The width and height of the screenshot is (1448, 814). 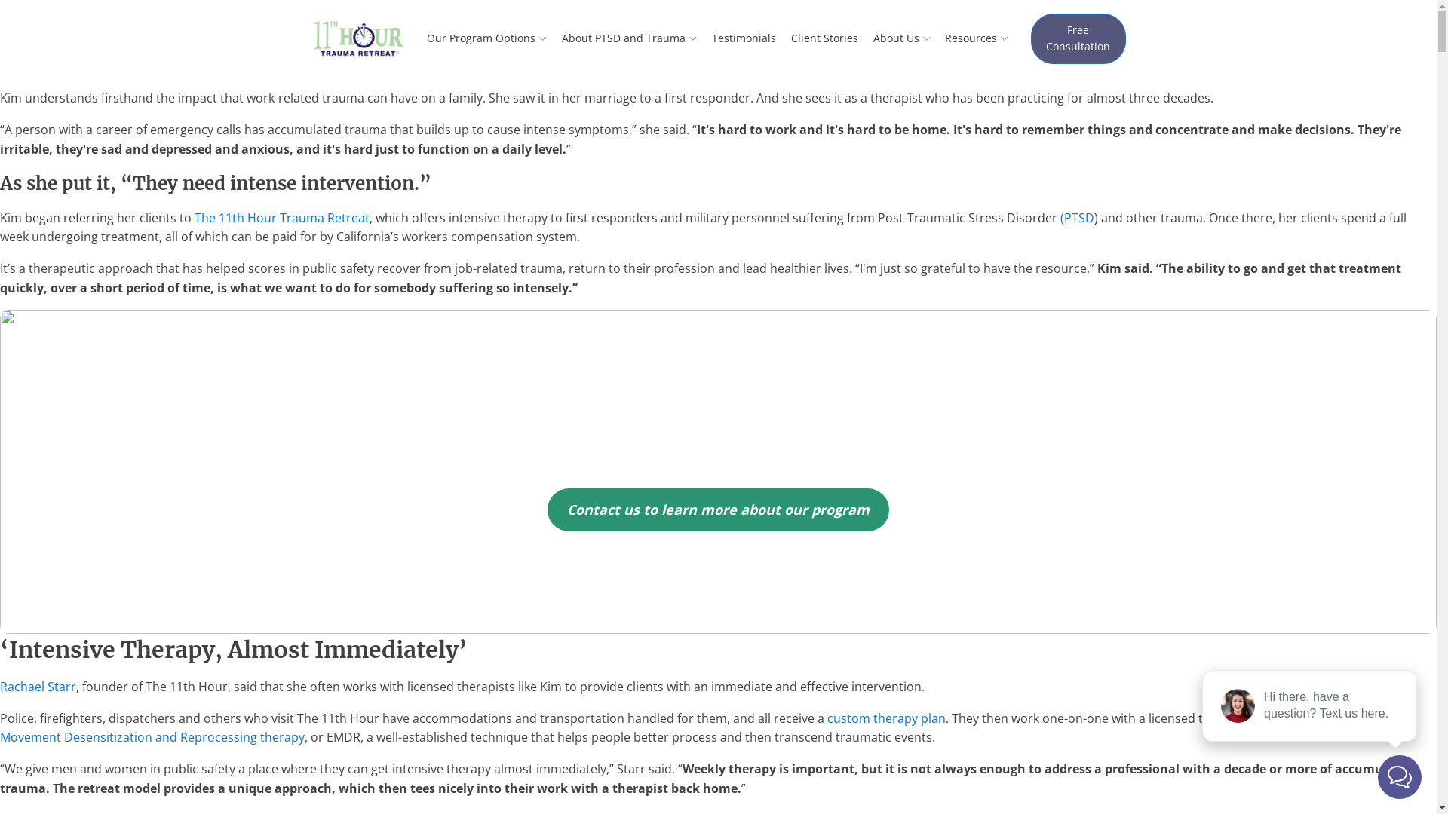 I want to click on 'Resources', so click(x=977, y=37).